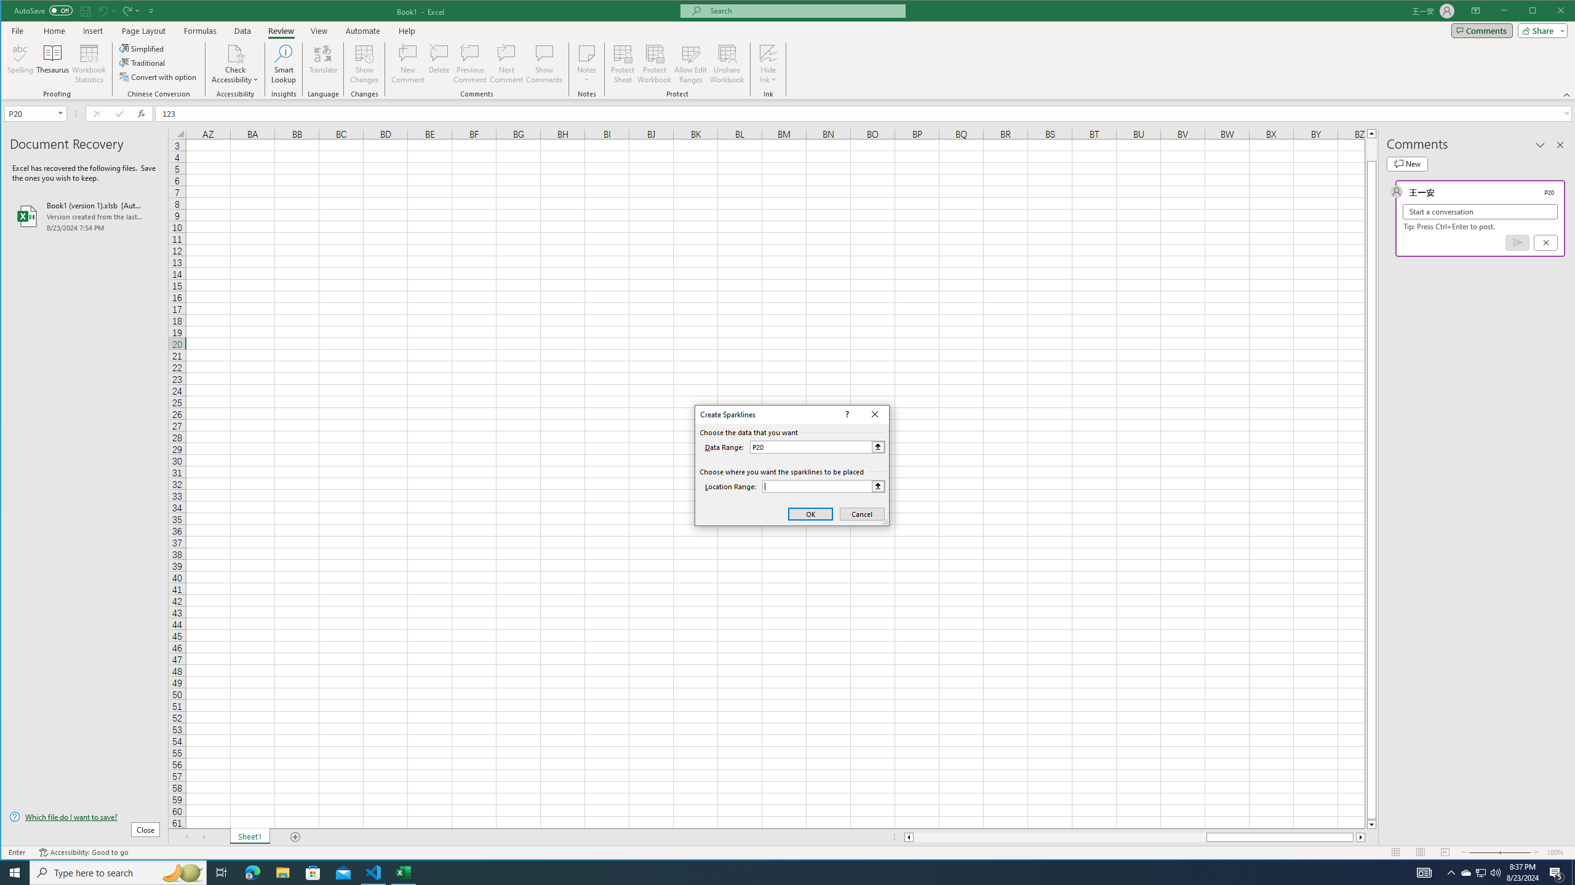 The height and width of the screenshot is (885, 1575). Describe the element at coordinates (1560, 144) in the screenshot. I see `'Close pane'` at that location.